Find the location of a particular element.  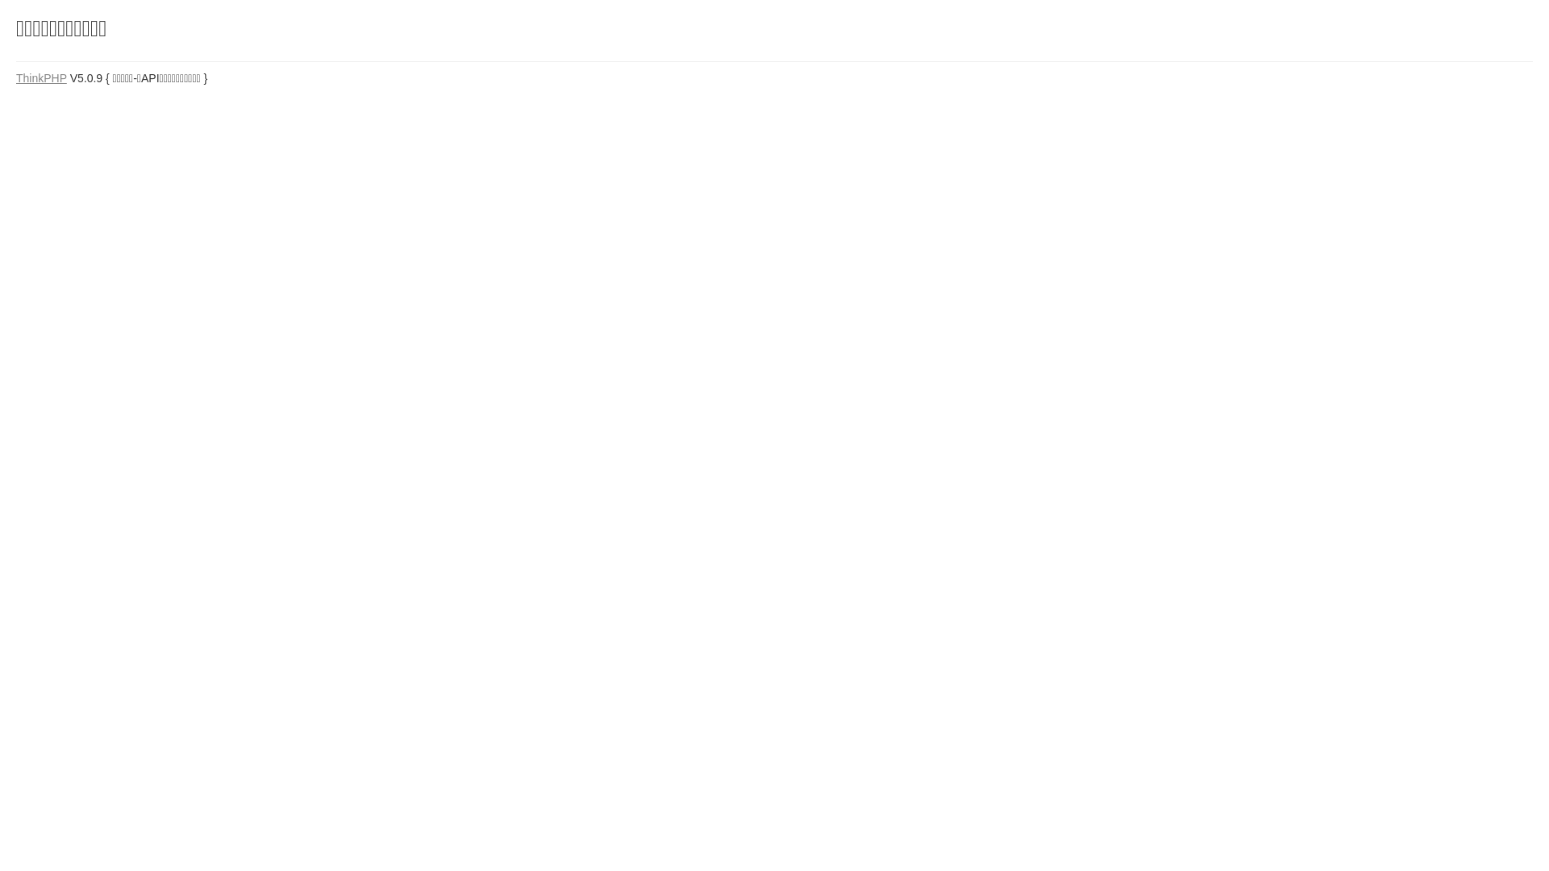

'ThinkPHP' is located at coordinates (15, 77).